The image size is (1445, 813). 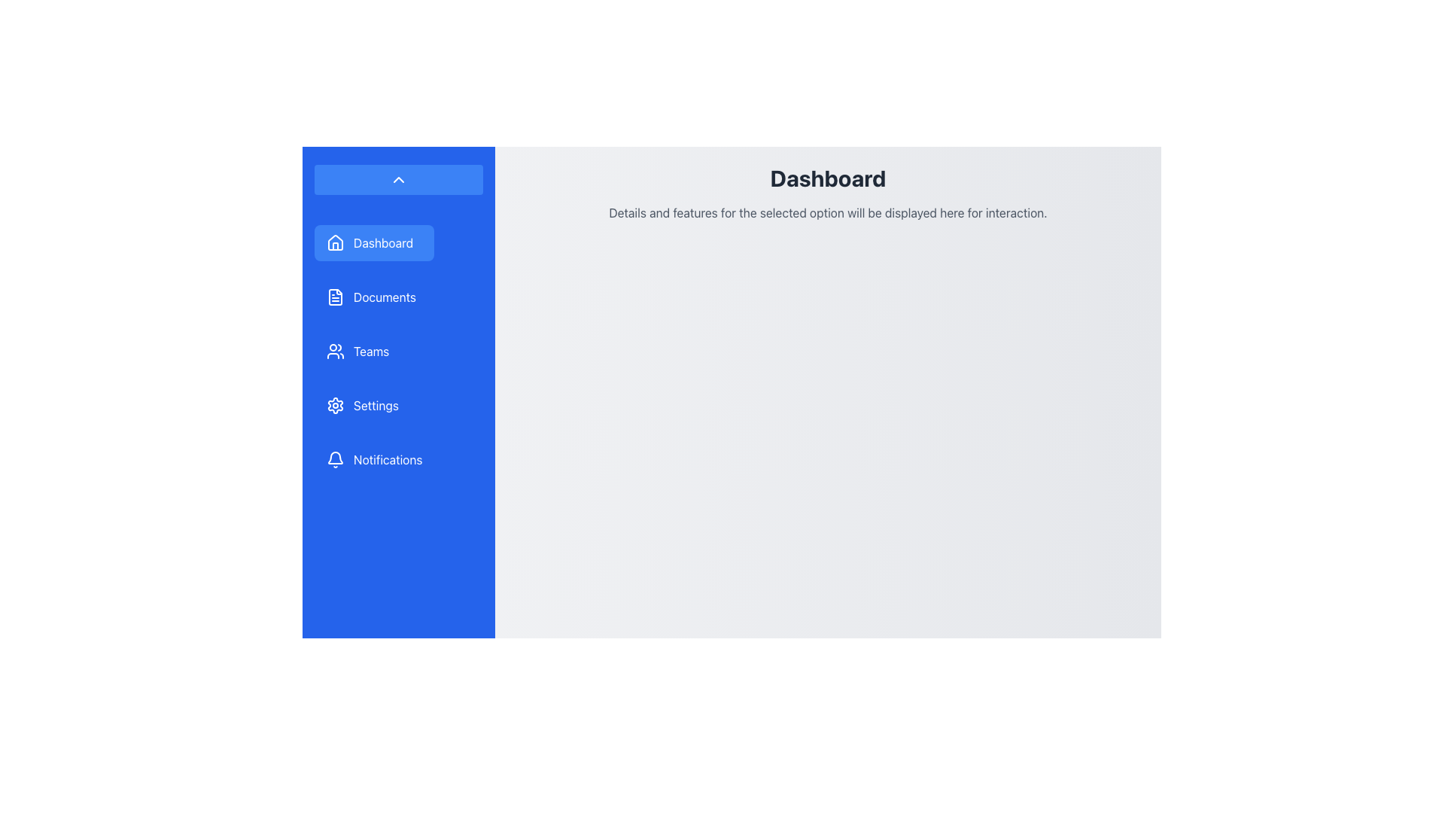 I want to click on the bell icon, which is styled with a thin outline and represents a notification symbol, located within the blue rectangular area in the vertical navigation bar to the left of the 'Notifications' text, so click(x=335, y=458).